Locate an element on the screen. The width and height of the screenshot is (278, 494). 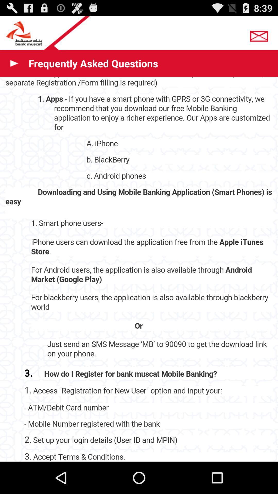
mail button is located at coordinates (260, 34).